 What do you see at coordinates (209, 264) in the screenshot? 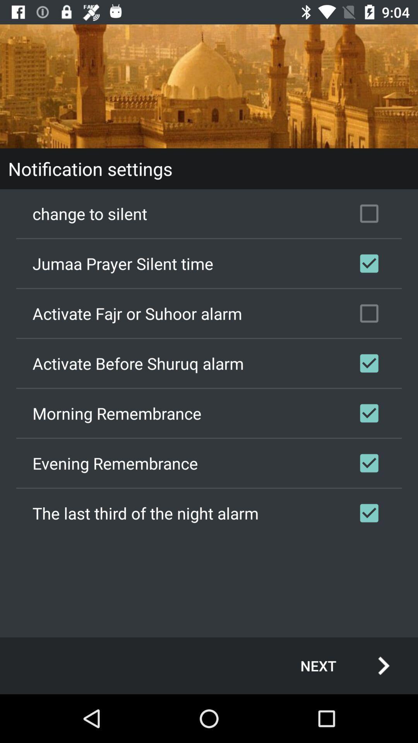
I see `icon above the activate fajr or icon` at bounding box center [209, 264].